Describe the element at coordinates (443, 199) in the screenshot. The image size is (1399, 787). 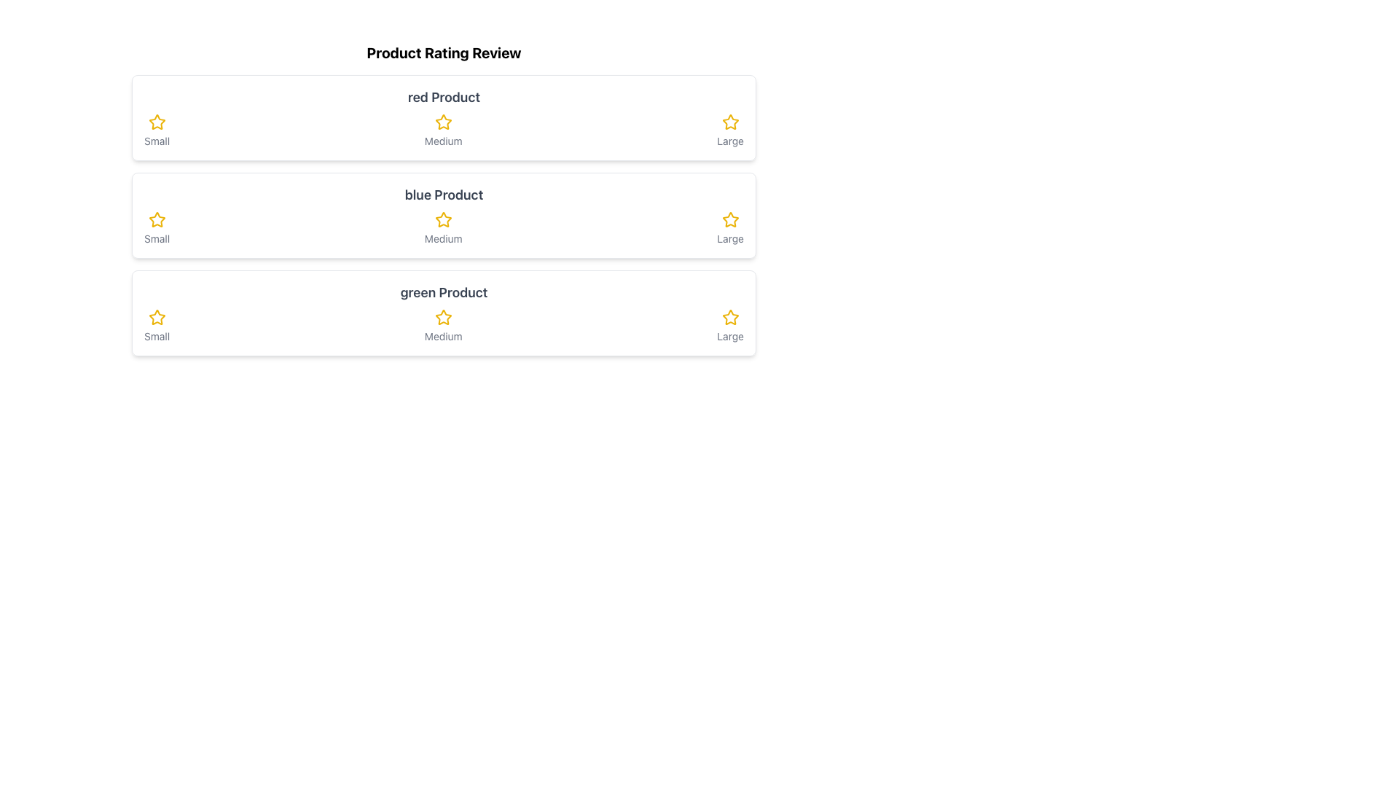
I see `a star button in the interactive rating panel to rate the product based on size preferences` at that location.